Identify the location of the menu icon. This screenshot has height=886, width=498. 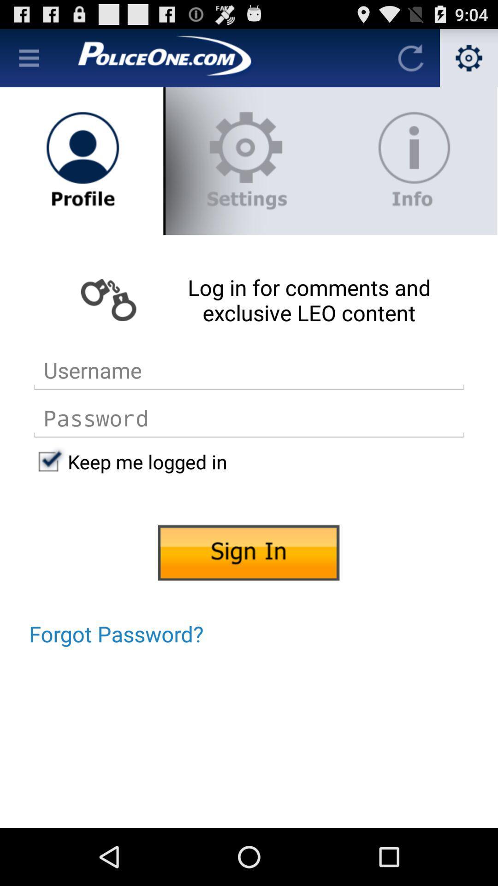
(28, 61).